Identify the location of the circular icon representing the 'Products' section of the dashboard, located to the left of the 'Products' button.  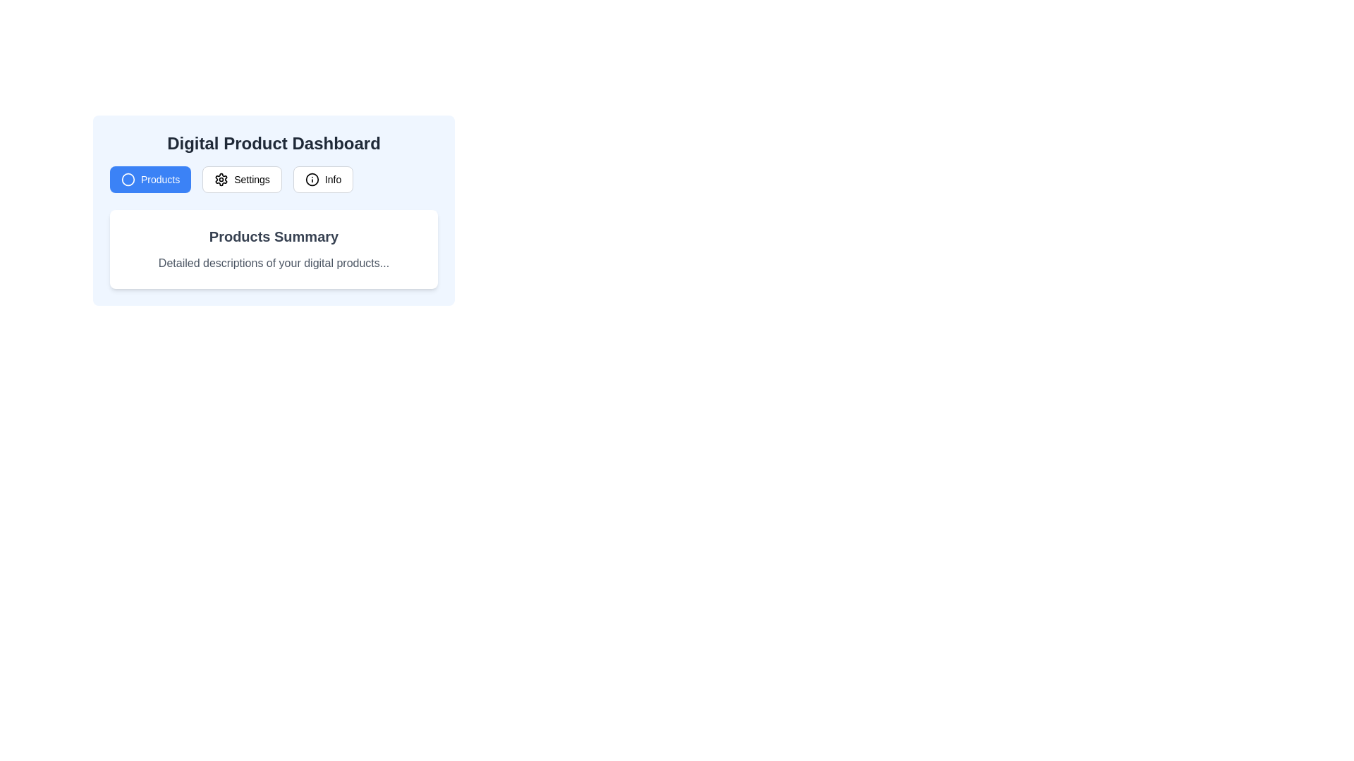
(128, 178).